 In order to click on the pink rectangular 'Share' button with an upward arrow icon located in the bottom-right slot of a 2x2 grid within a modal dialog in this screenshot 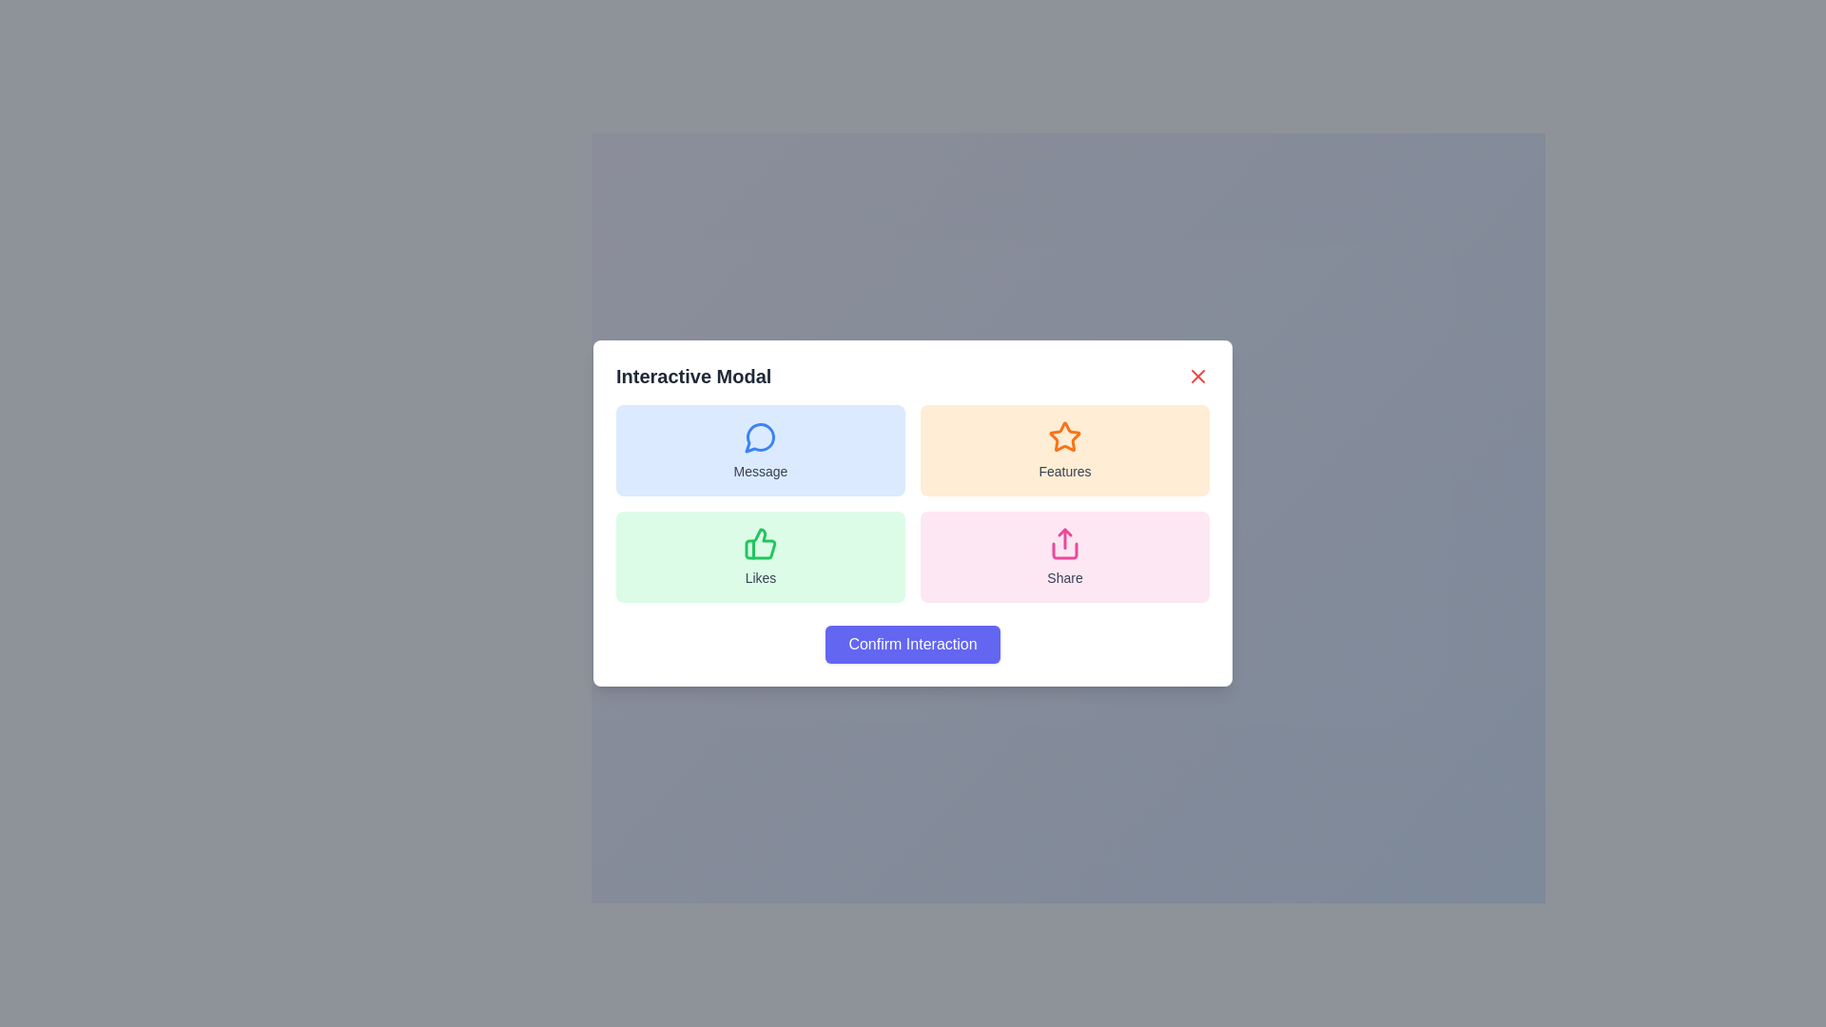, I will do `click(1063, 556)`.